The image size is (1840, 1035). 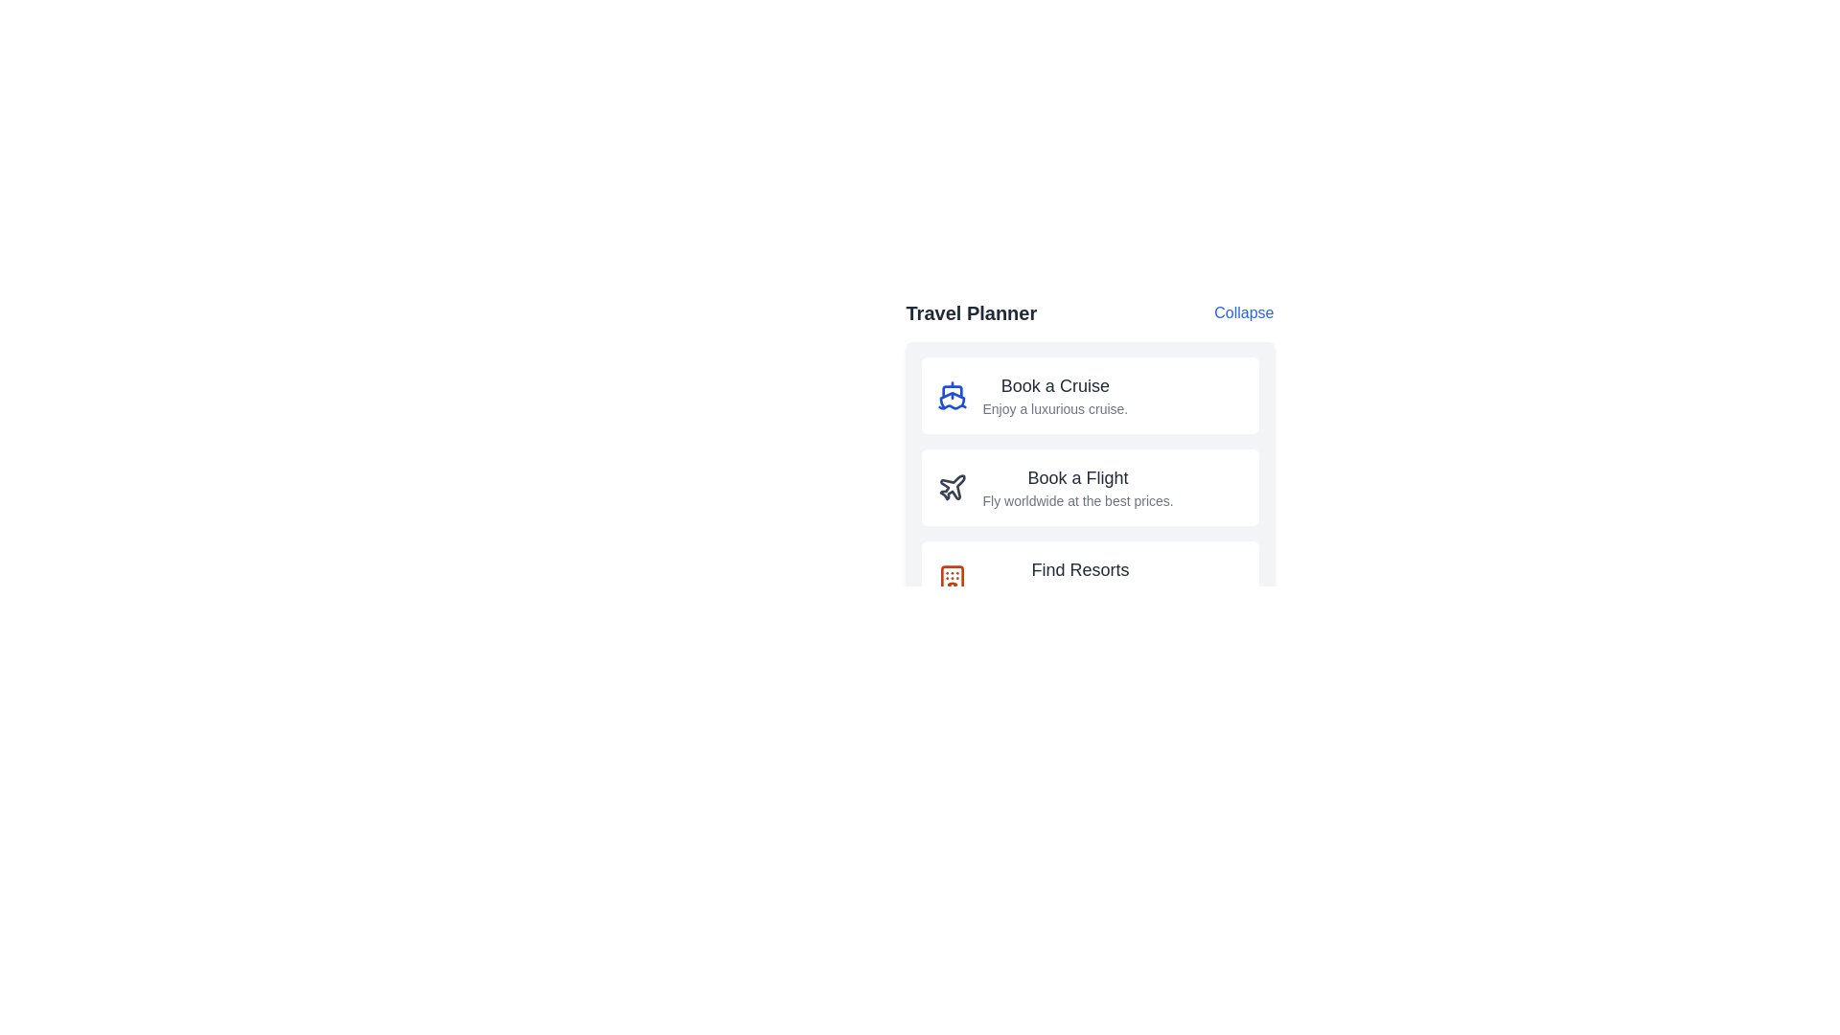 I want to click on the airplane icon representing the 'Book a Flight' option located in the second item of the vertical list under the 'Travel Planner' heading, so click(x=952, y=487).